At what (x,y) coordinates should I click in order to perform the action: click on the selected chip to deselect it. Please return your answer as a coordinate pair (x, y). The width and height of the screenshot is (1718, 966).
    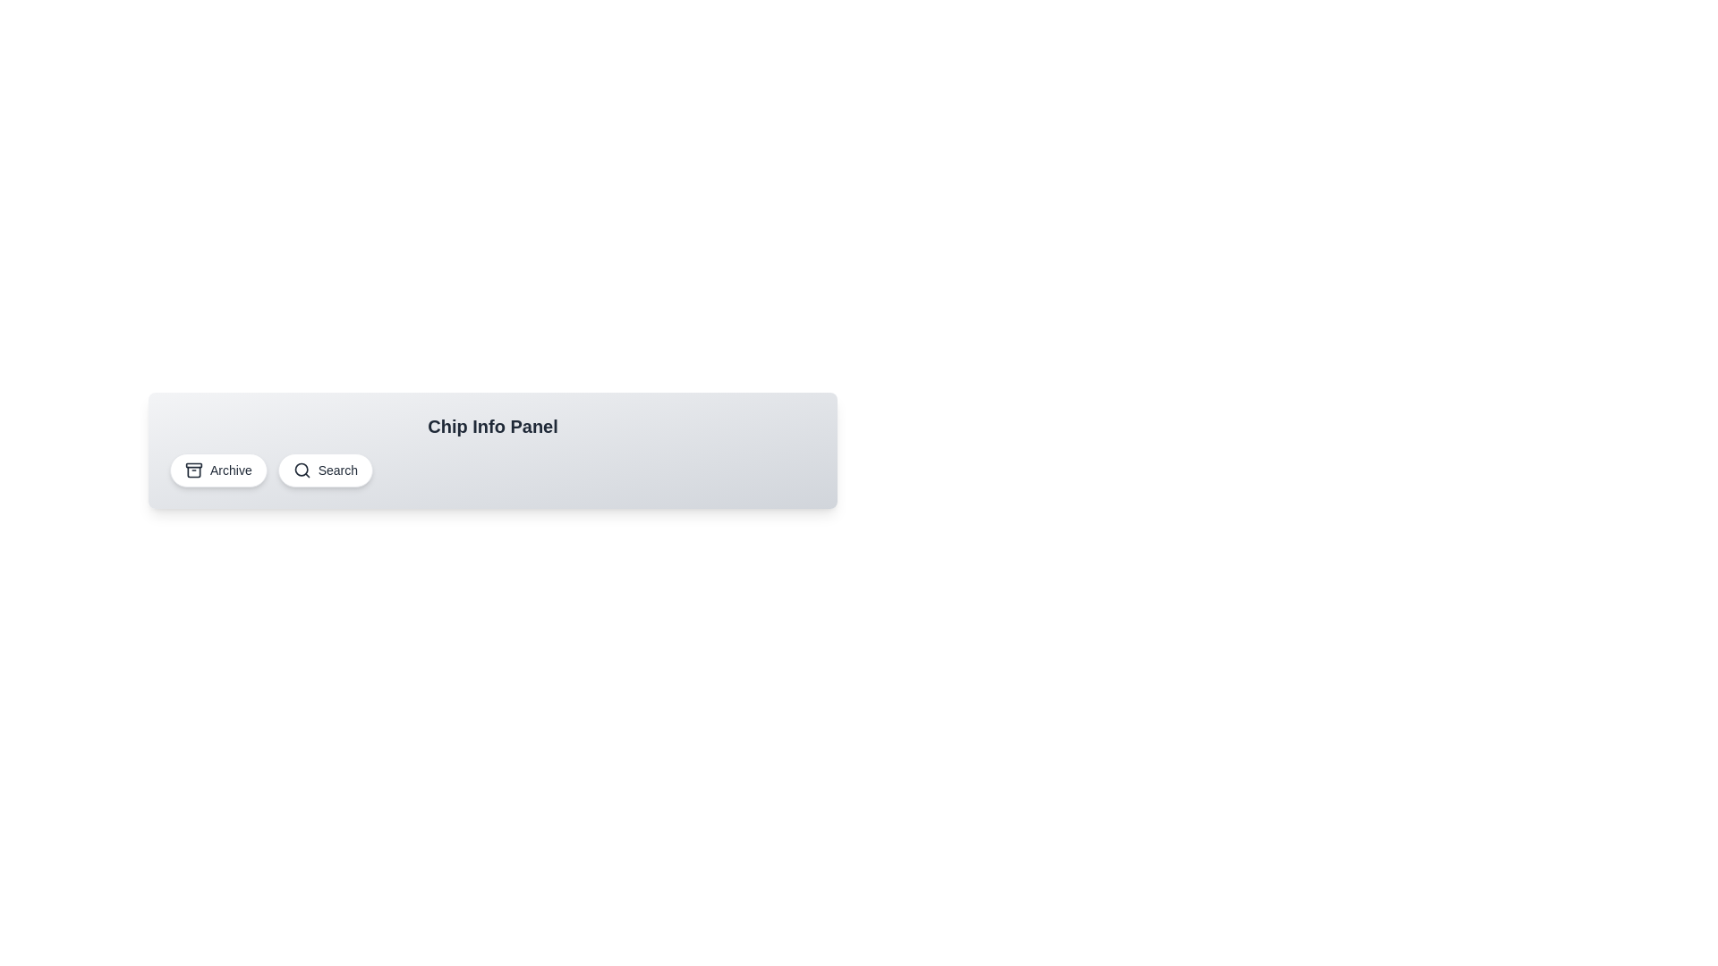
    Looking at the image, I should click on (217, 469).